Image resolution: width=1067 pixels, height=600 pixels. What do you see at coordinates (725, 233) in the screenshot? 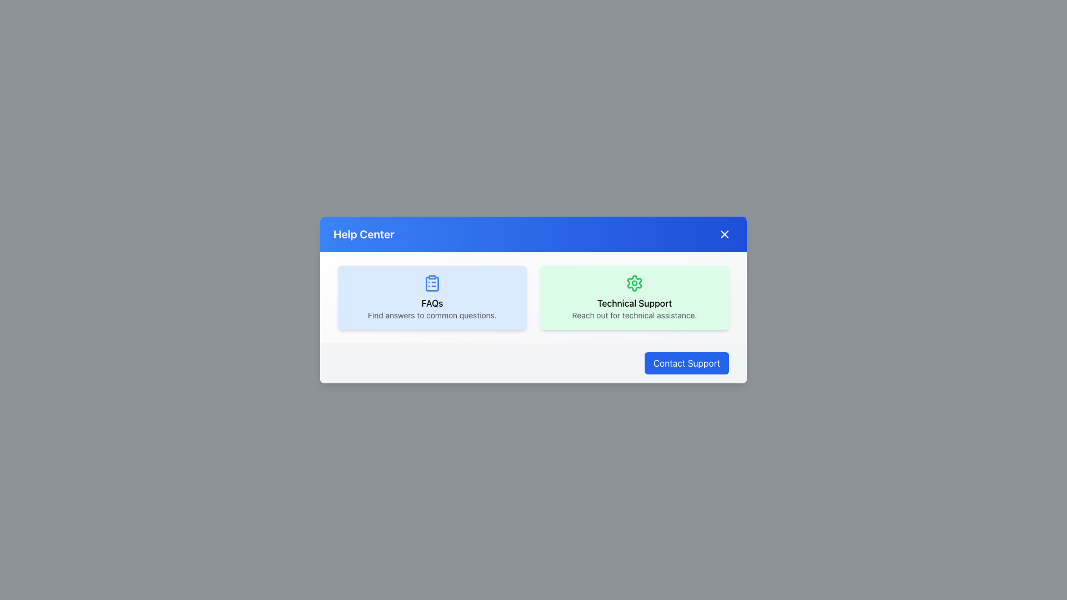
I see `the 'X' icon button with a circular blue background located in the top-right corner of the Help Center interface` at bounding box center [725, 233].